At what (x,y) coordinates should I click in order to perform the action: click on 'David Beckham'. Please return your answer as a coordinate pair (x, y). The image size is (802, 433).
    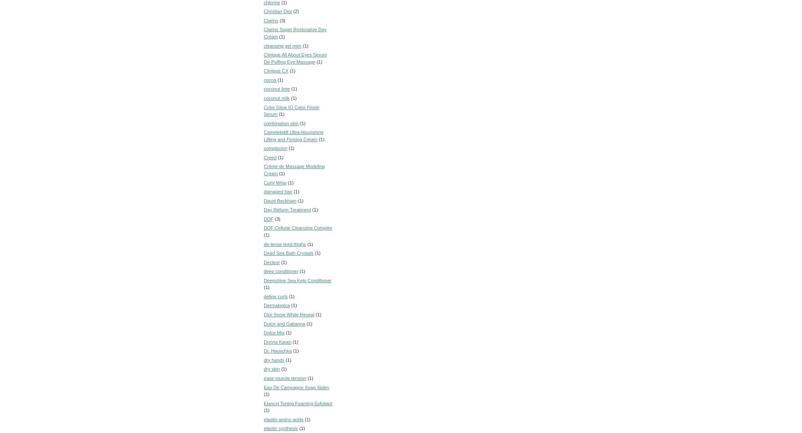
    Looking at the image, I should click on (280, 200).